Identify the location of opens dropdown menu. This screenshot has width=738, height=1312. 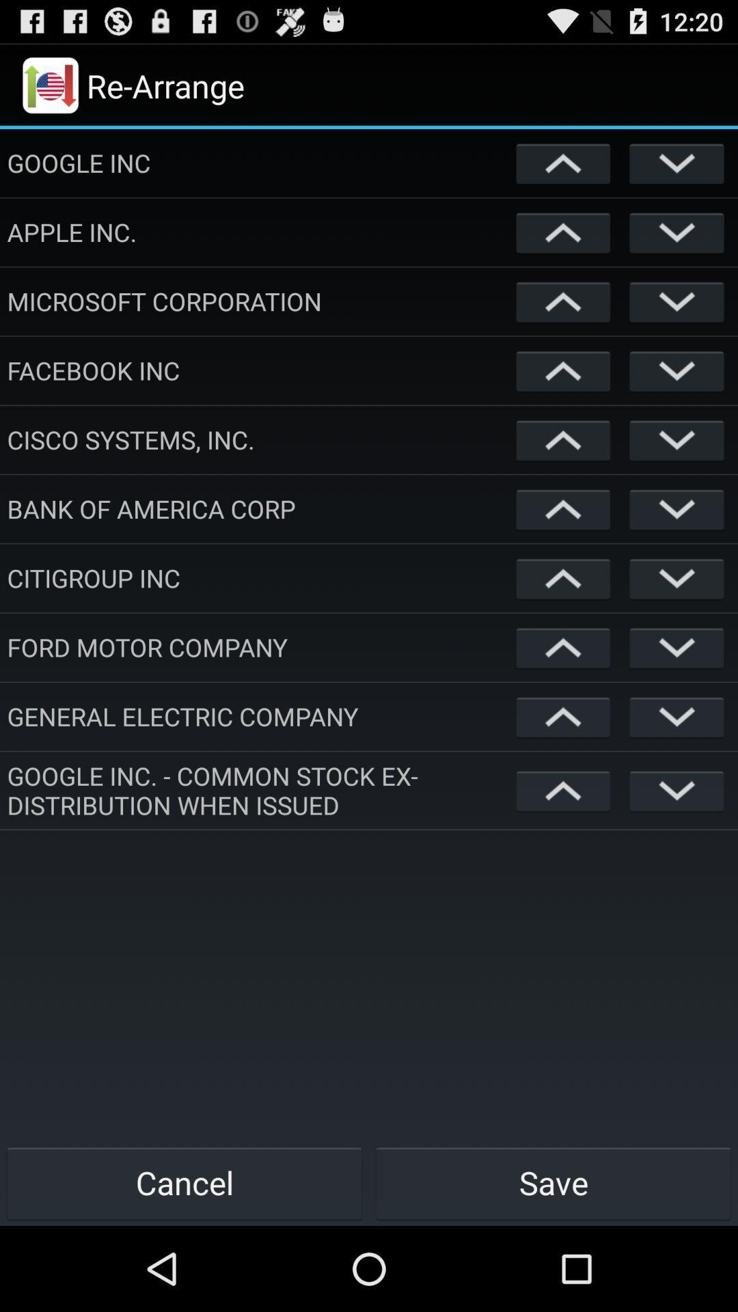
(676, 790).